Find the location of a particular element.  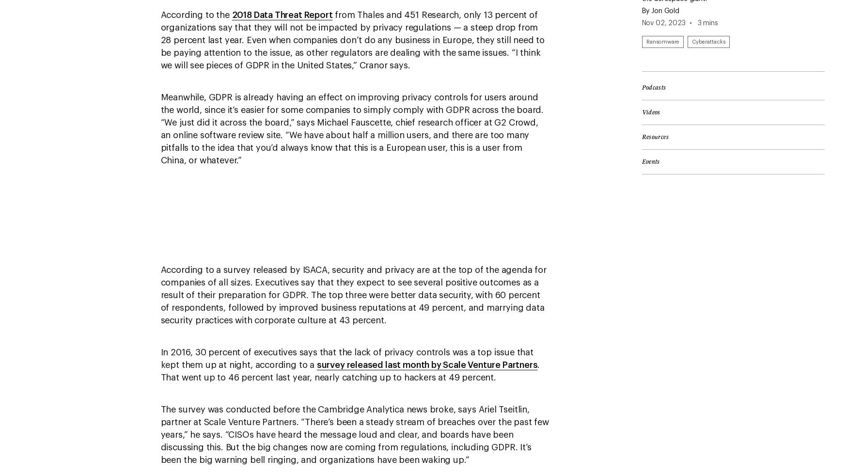

'Brandposts' is located at coordinates (41, 61).